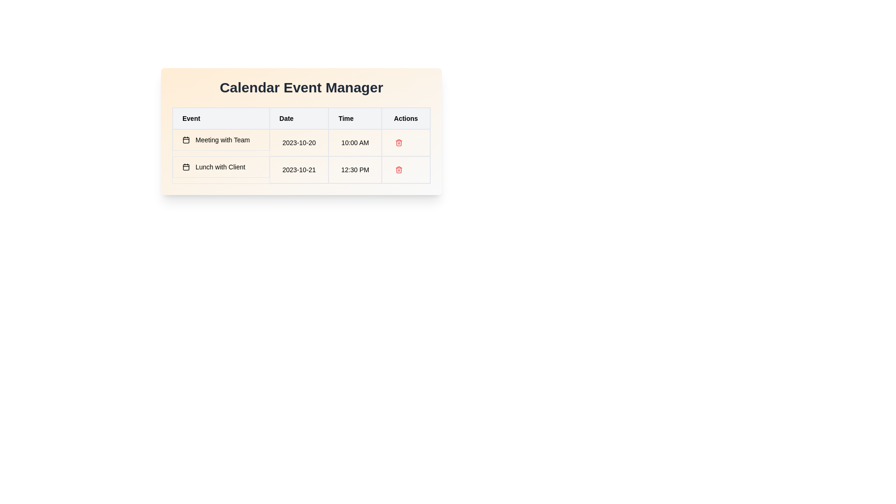  Describe the element at coordinates (186, 167) in the screenshot. I see `the calendar icon, which is a minimalistic square outline with vertical and horizontal lines, positioned to the left of the text 'Lunch with Client'` at that location.